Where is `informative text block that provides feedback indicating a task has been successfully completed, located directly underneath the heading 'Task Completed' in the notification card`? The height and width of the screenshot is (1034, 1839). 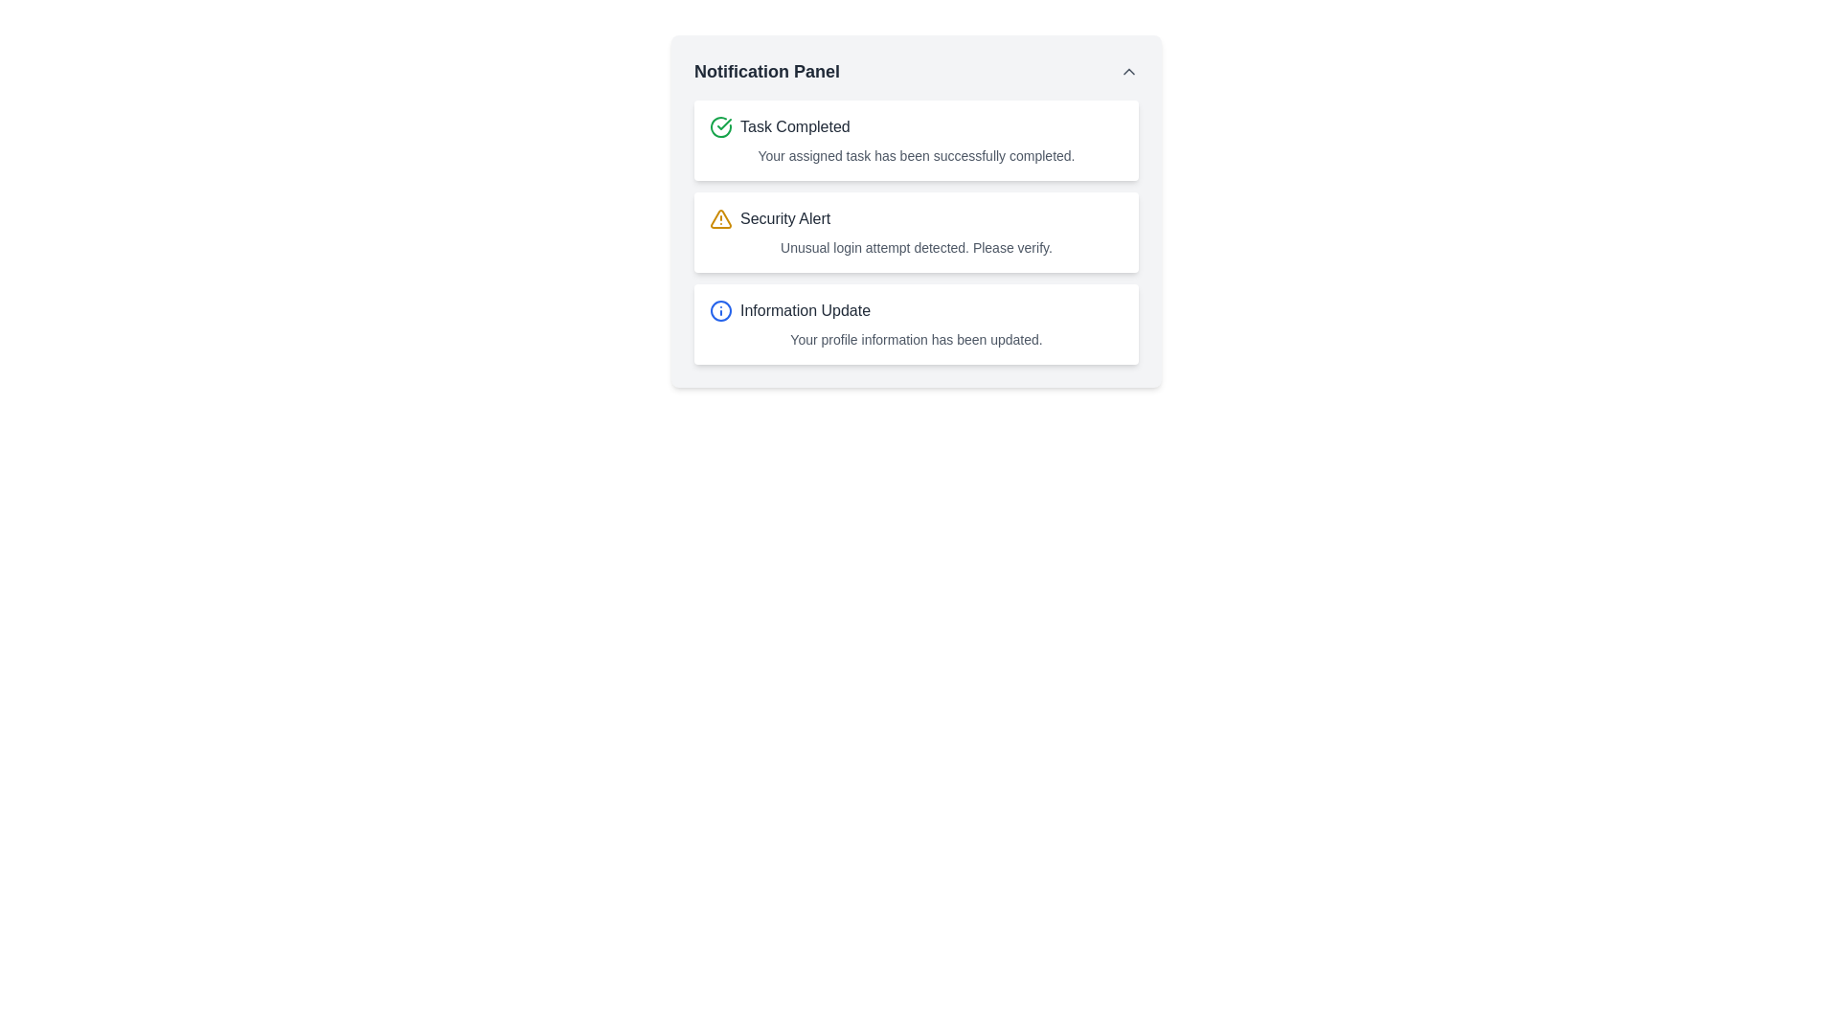 informative text block that provides feedback indicating a task has been successfully completed, located directly underneath the heading 'Task Completed' in the notification card is located at coordinates (915, 154).